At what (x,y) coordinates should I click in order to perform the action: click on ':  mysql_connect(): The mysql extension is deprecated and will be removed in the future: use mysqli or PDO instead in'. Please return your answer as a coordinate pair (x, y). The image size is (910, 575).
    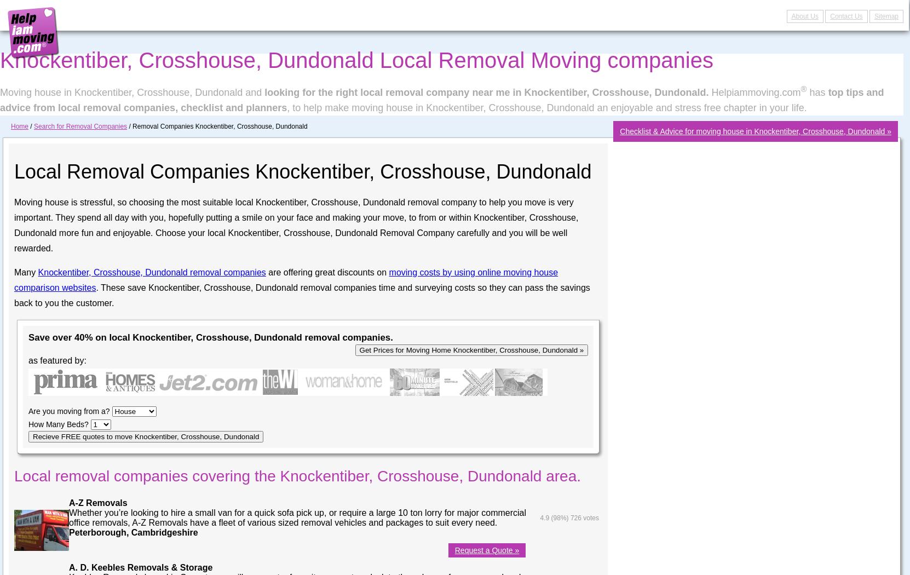
    Looking at the image, I should click on (41, 20).